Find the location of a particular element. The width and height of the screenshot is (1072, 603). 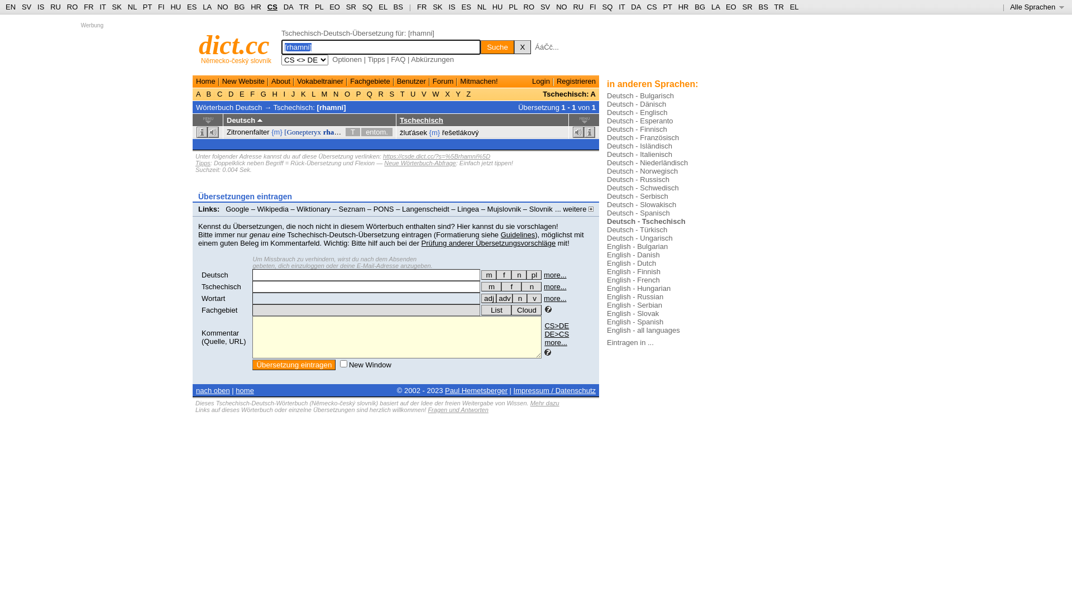

'BS' is located at coordinates (762, 7).